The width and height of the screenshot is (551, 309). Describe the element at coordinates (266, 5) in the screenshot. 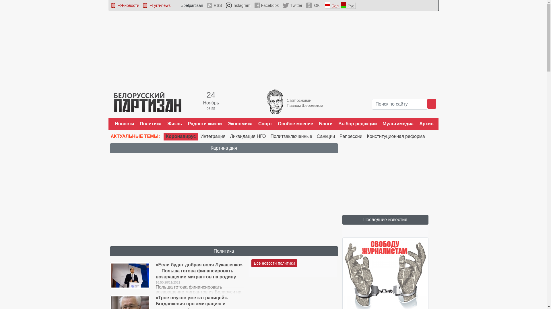

I see `'Facebook'` at that location.